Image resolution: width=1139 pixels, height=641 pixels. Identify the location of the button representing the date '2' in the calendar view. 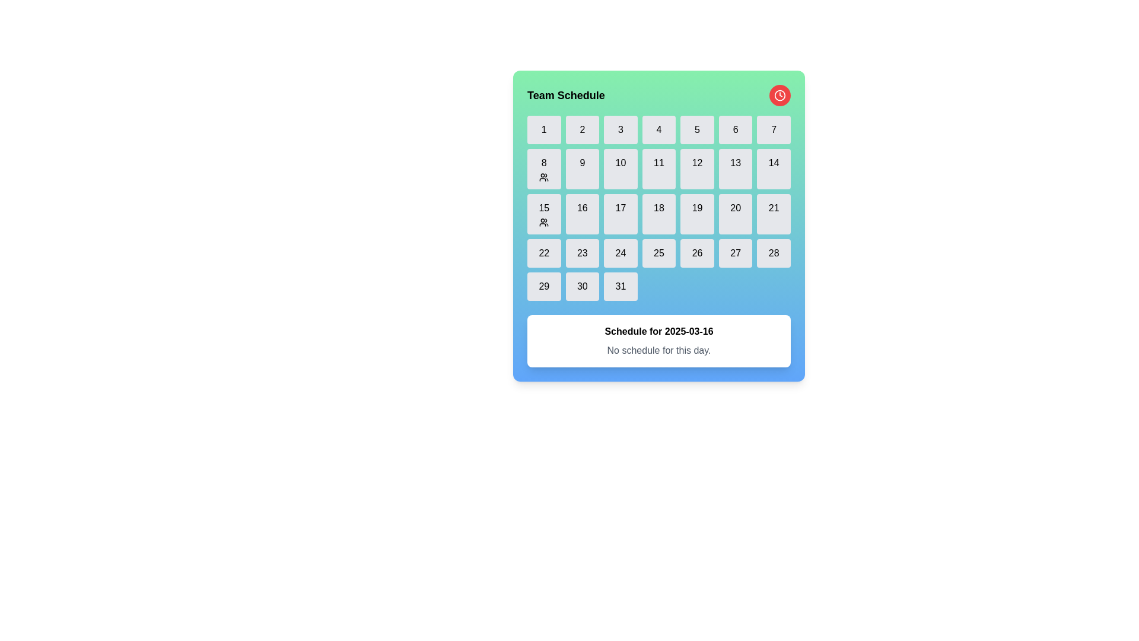
(582, 130).